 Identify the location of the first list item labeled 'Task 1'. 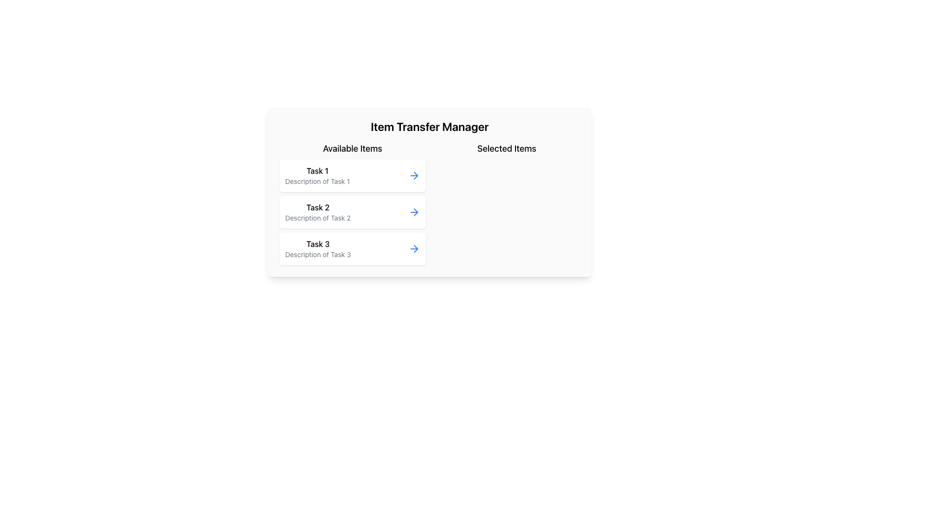
(352, 176).